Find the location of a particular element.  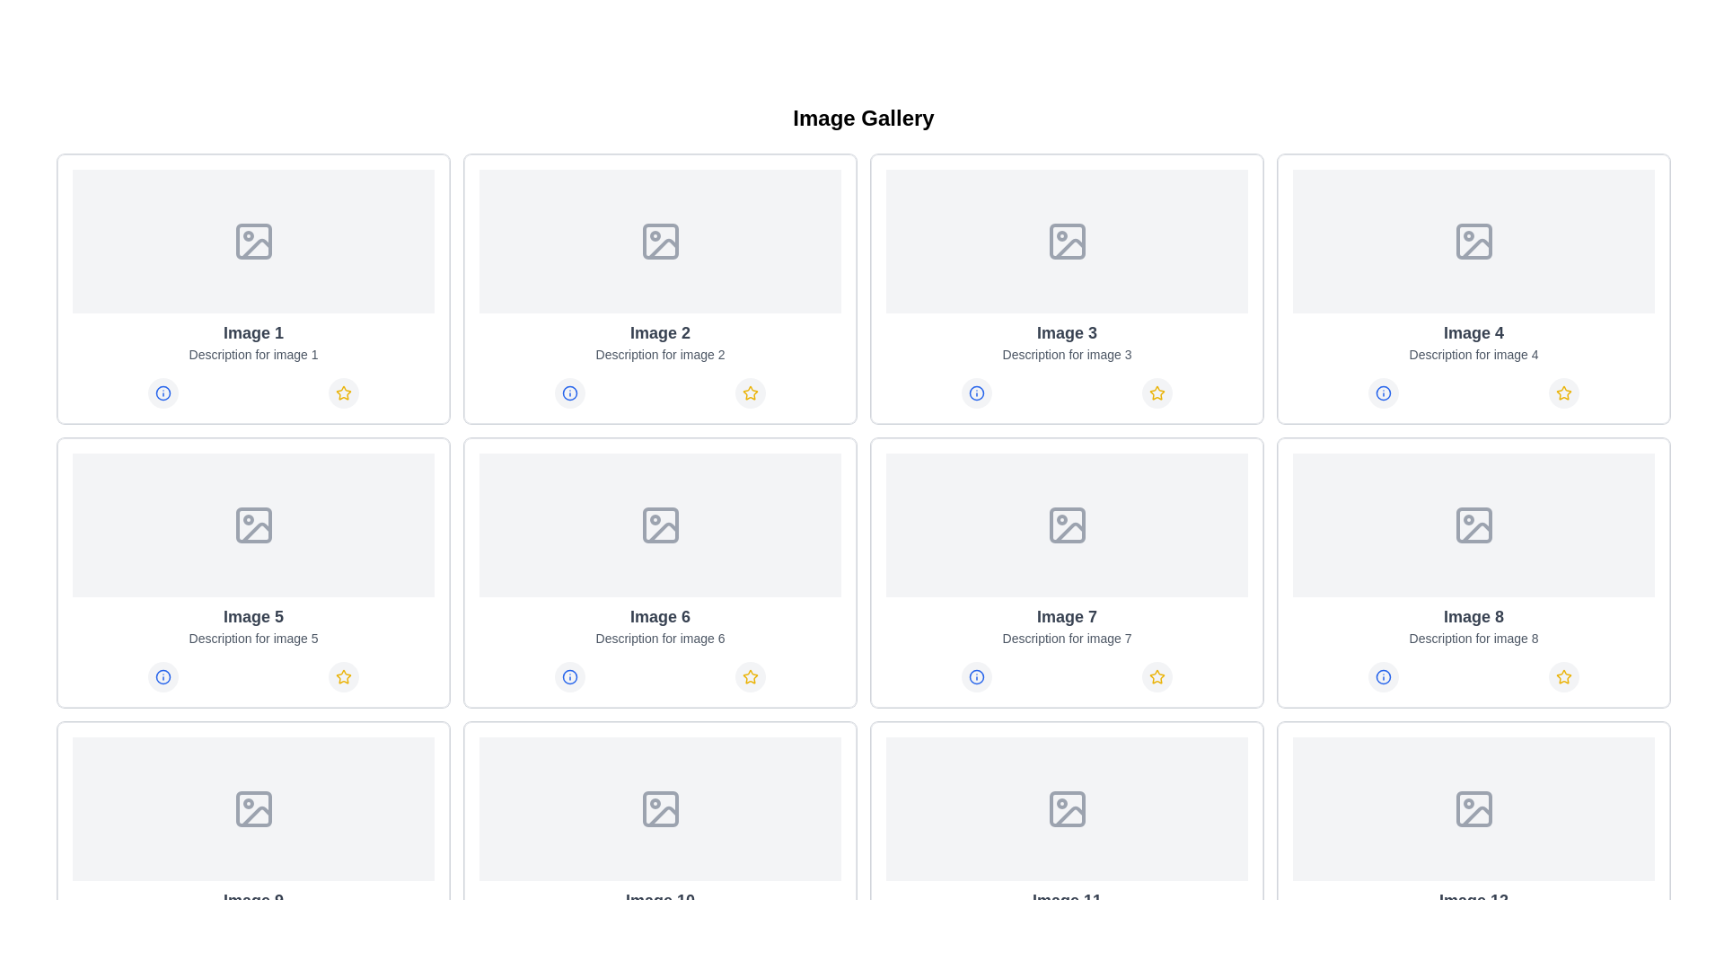

the graphical icon resembling a tilted photograph located in the fifth image card of the gallery layout, near the top-right corner is located at coordinates (255, 532).